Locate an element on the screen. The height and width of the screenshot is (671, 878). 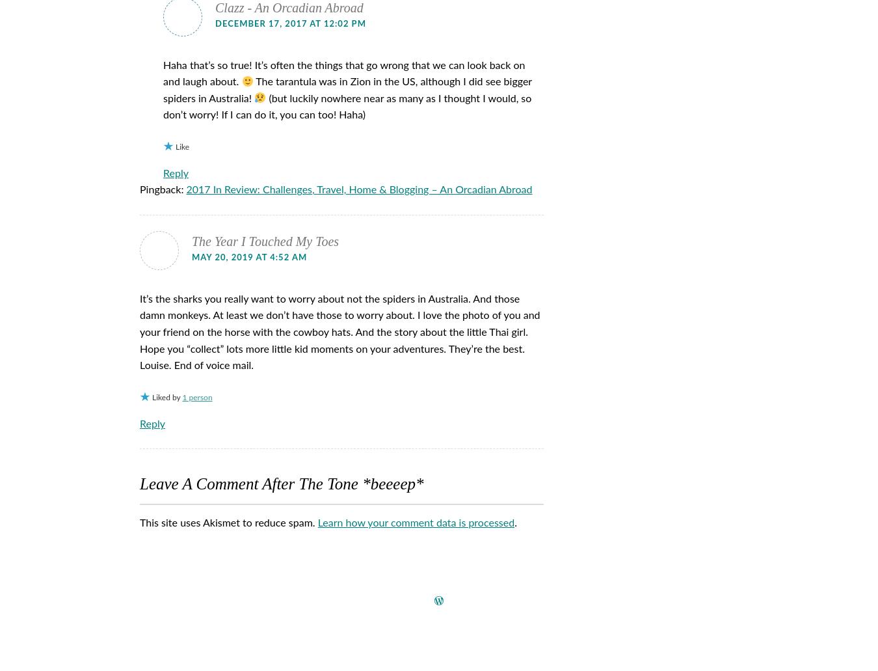
'(but luckily nowhere near as many as I thought I would, so don’t worry! If I can do it, you can too! Haha)' is located at coordinates (162, 106).